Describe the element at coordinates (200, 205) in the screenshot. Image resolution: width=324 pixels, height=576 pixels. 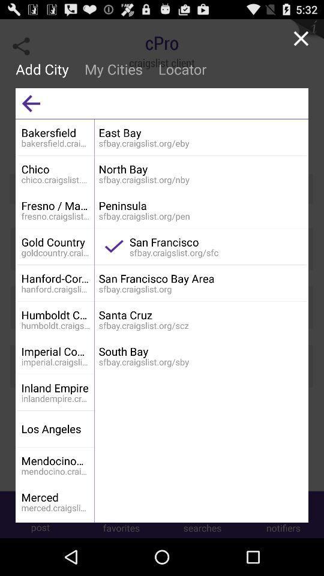
I see `peninsula item` at that location.